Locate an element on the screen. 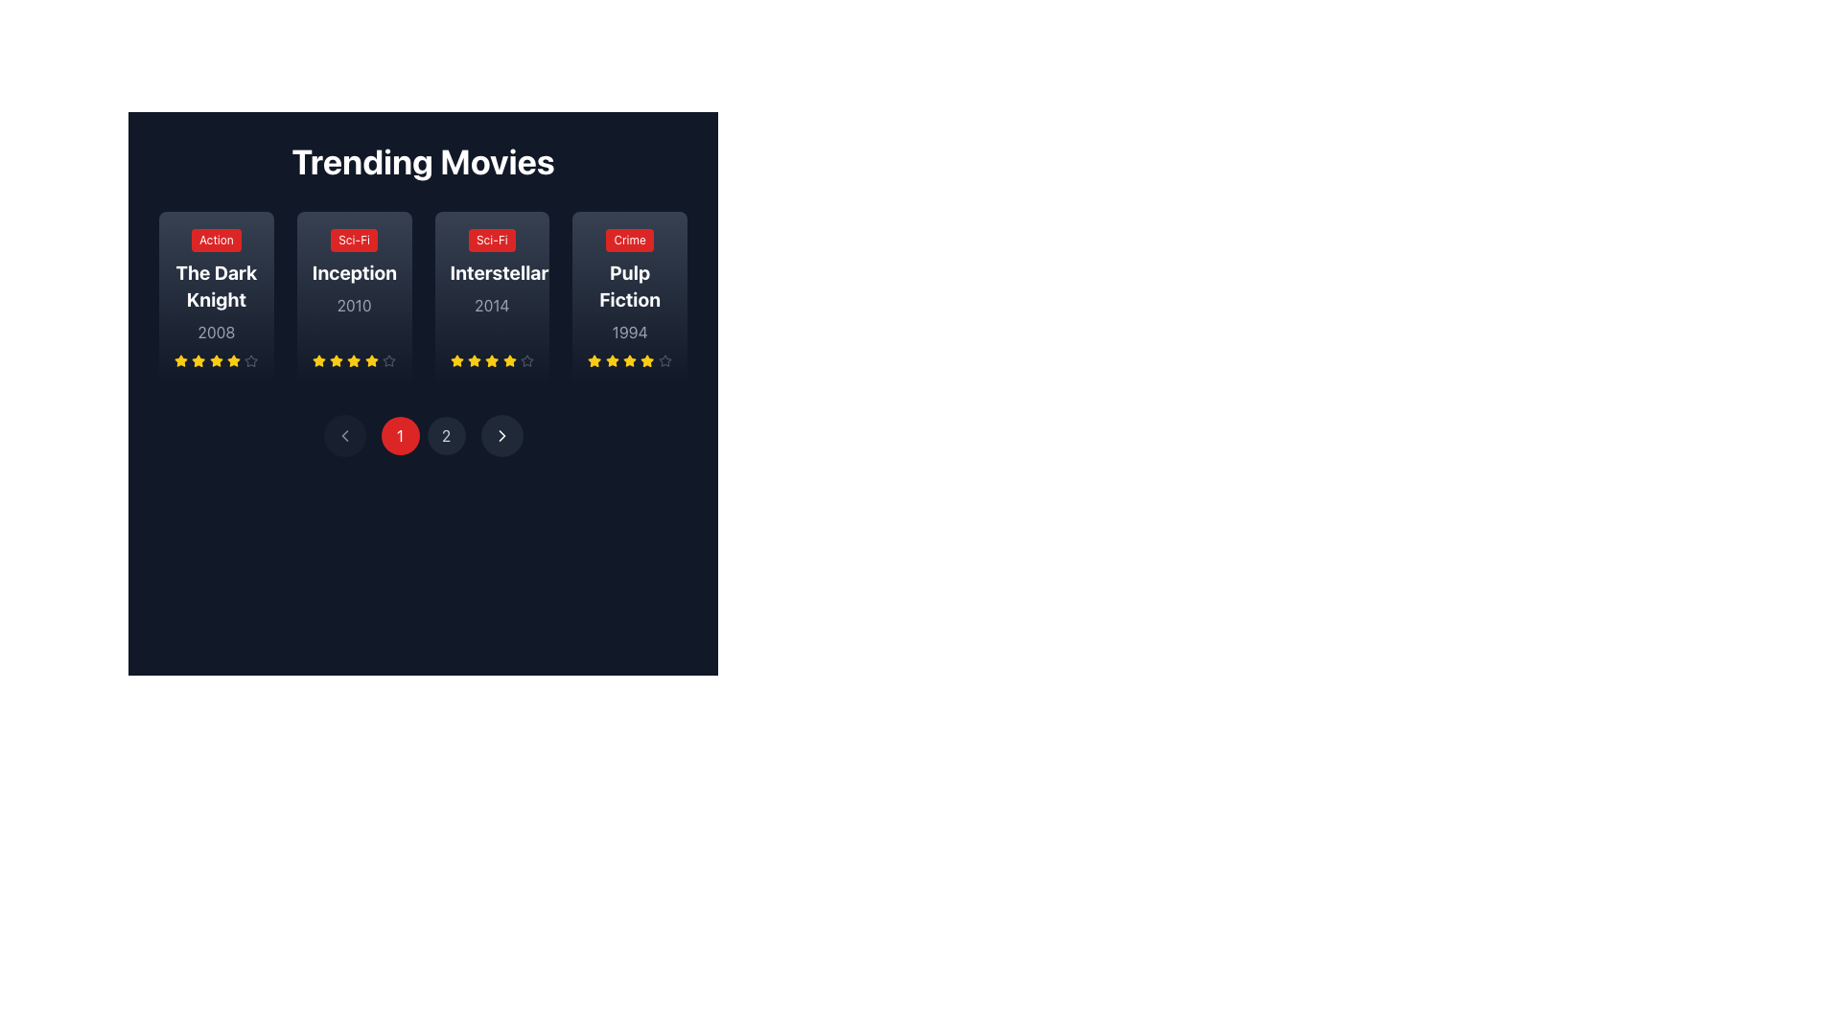 Image resolution: width=1841 pixels, height=1035 pixels. the fourth star icon in the Trending Movies section under The Dark Knight card to rate it is located at coordinates (233, 360).